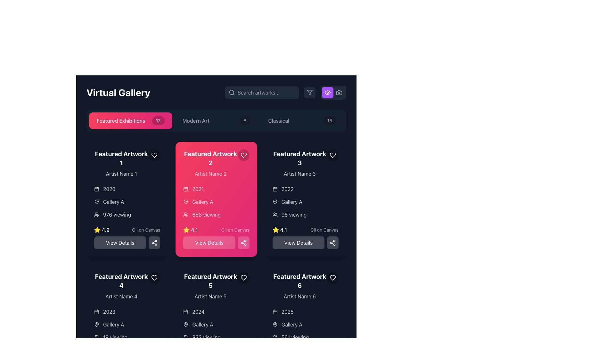 The width and height of the screenshot is (615, 345). I want to click on the 'Share' button located on the right-hand side of the 'View Details' button within the pink card for 'Featured Artwork 2', so click(243, 242).